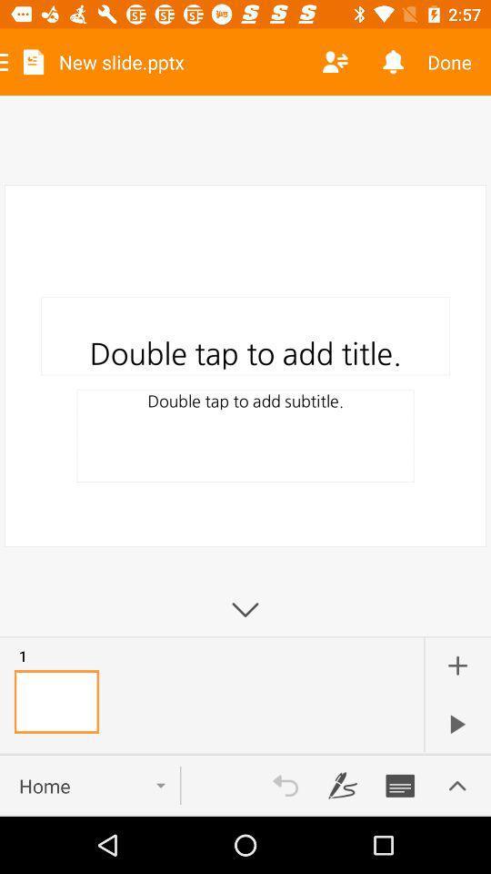 Image resolution: width=491 pixels, height=874 pixels. I want to click on more, so click(456, 665).